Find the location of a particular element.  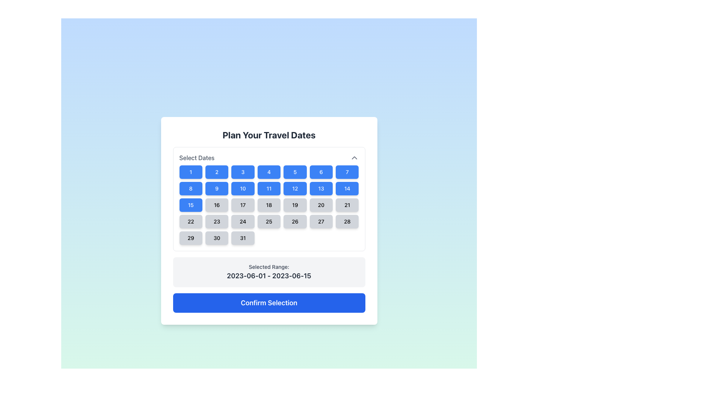

the selectable day button in the calendar view is located at coordinates (243, 221).